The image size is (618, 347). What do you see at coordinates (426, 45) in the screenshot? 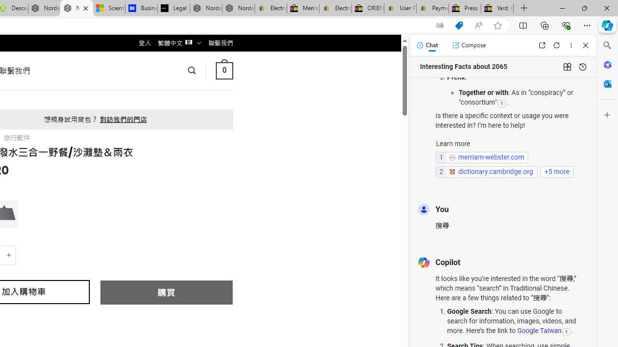
I see `'Chat'` at bounding box center [426, 45].